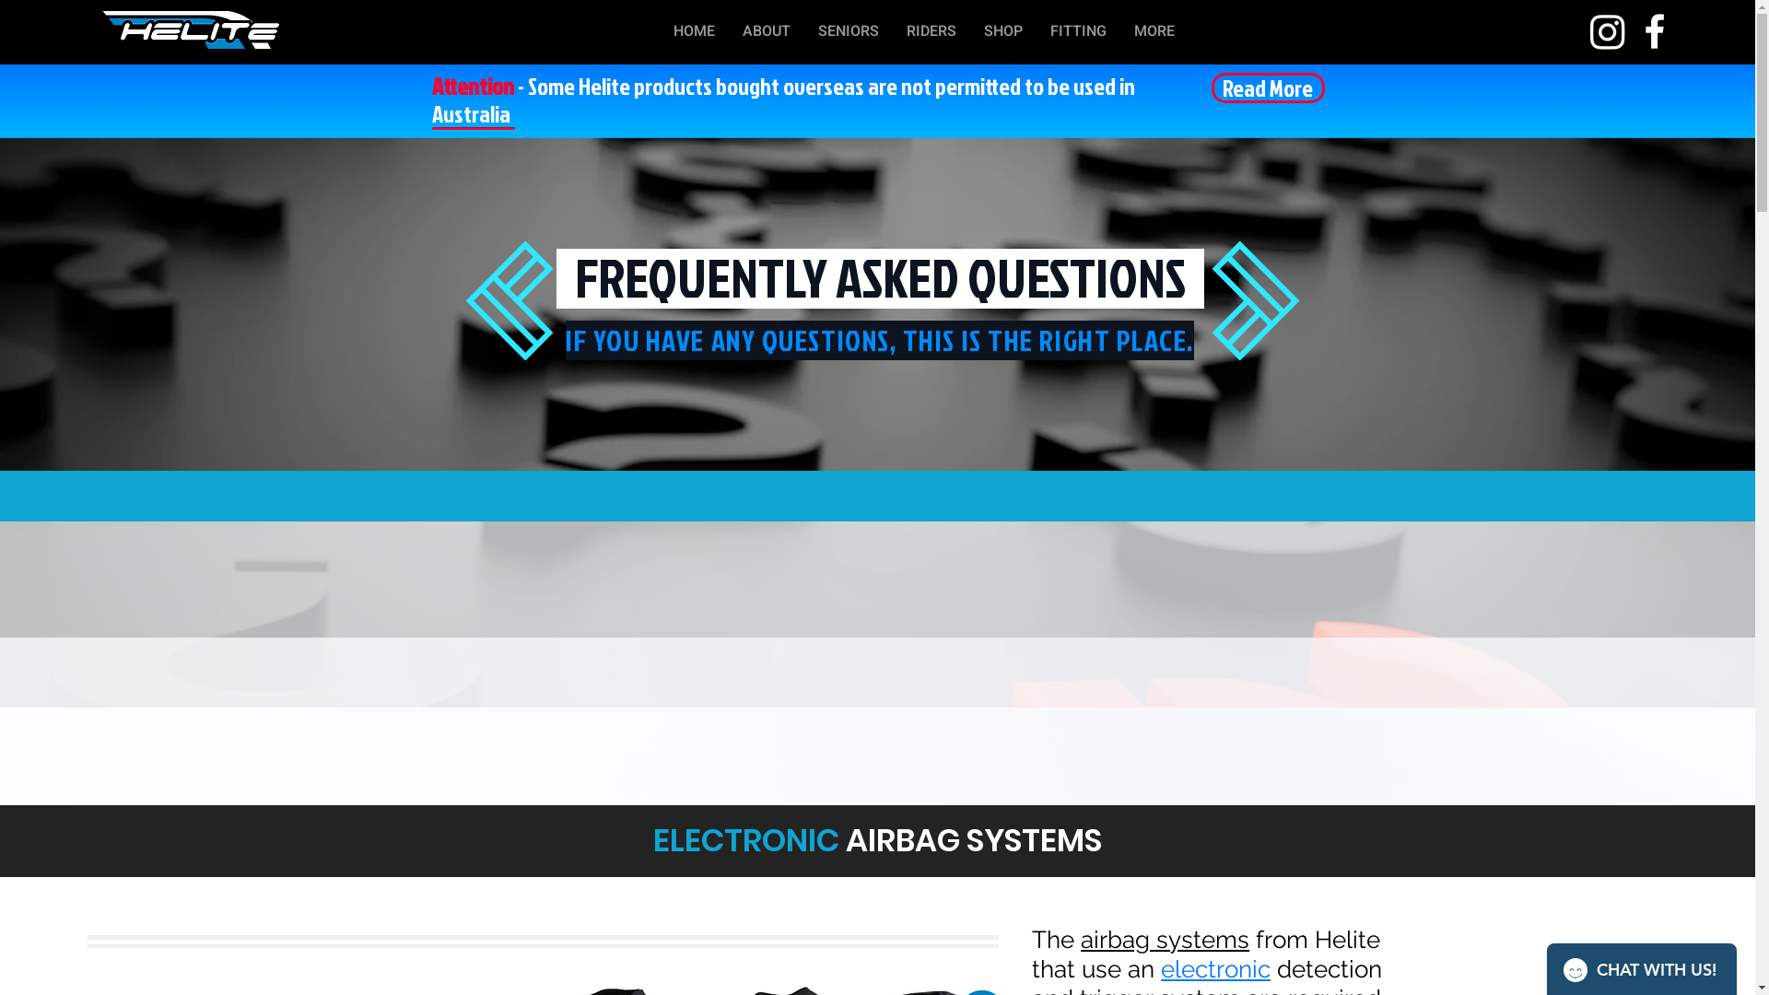 The width and height of the screenshot is (1769, 995). I want to click on 'SHOP', so click(1002, 31).